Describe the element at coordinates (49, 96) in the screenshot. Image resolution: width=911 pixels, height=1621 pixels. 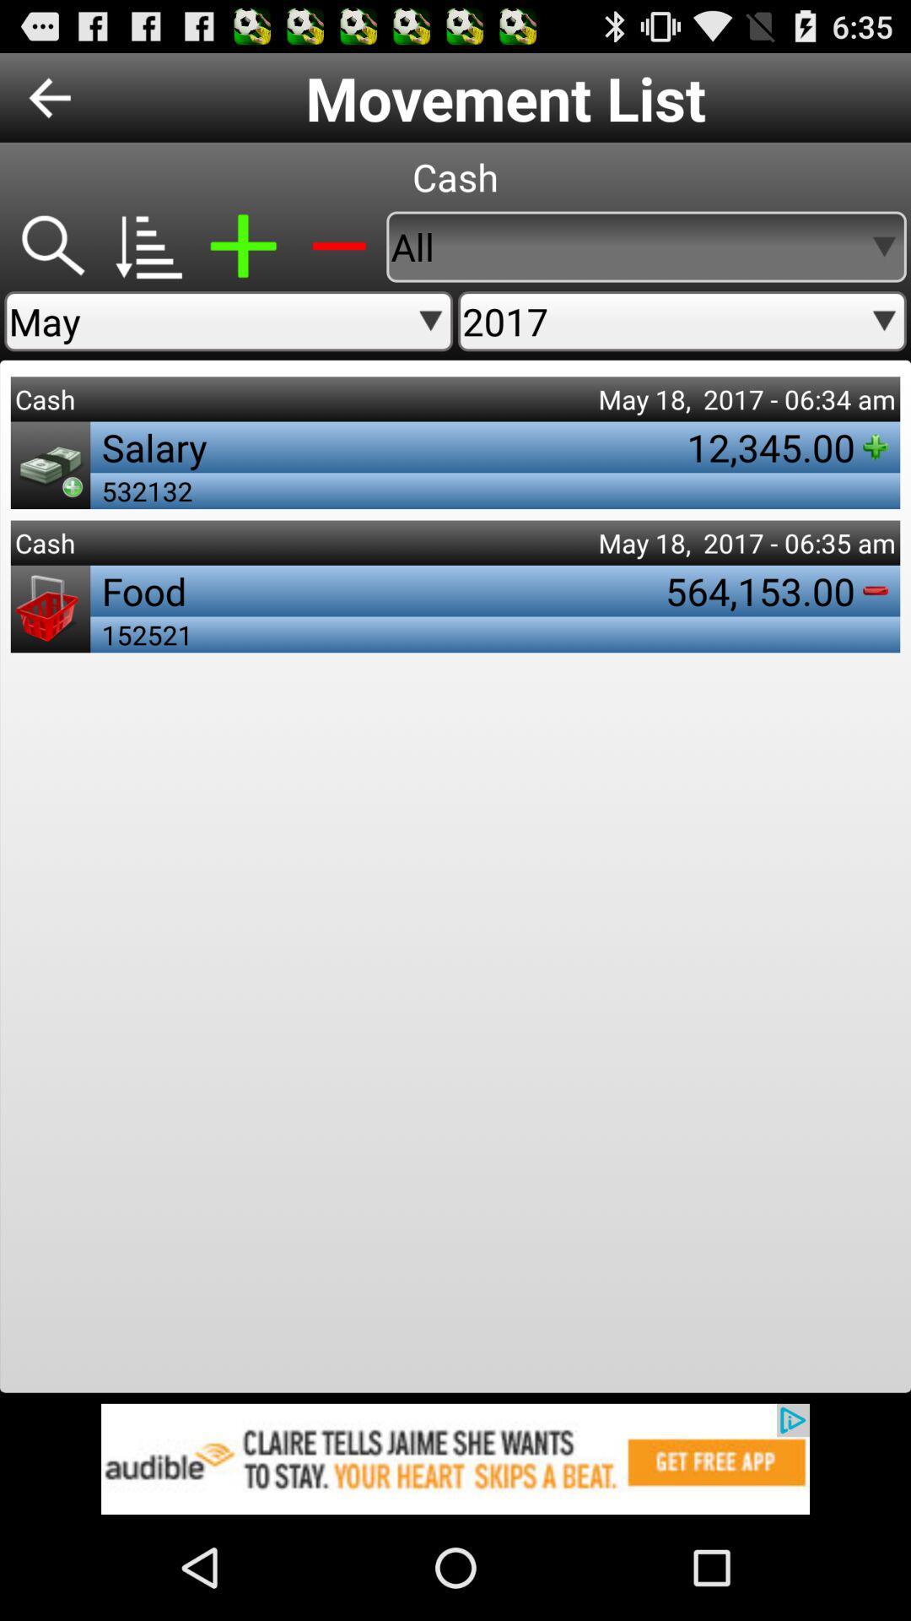
I see `go back` at that location.